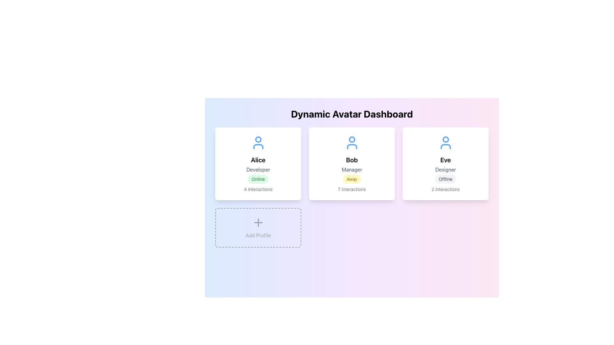 This screenshot has width=614, height=345. What do you see at coordinates (258, 142) in the screenshot?
I see `the Avatar icon, which is an outlined human icon styled in blue, located above the name 'Alice' on the leftmost card` at bounding box center [258, 142].